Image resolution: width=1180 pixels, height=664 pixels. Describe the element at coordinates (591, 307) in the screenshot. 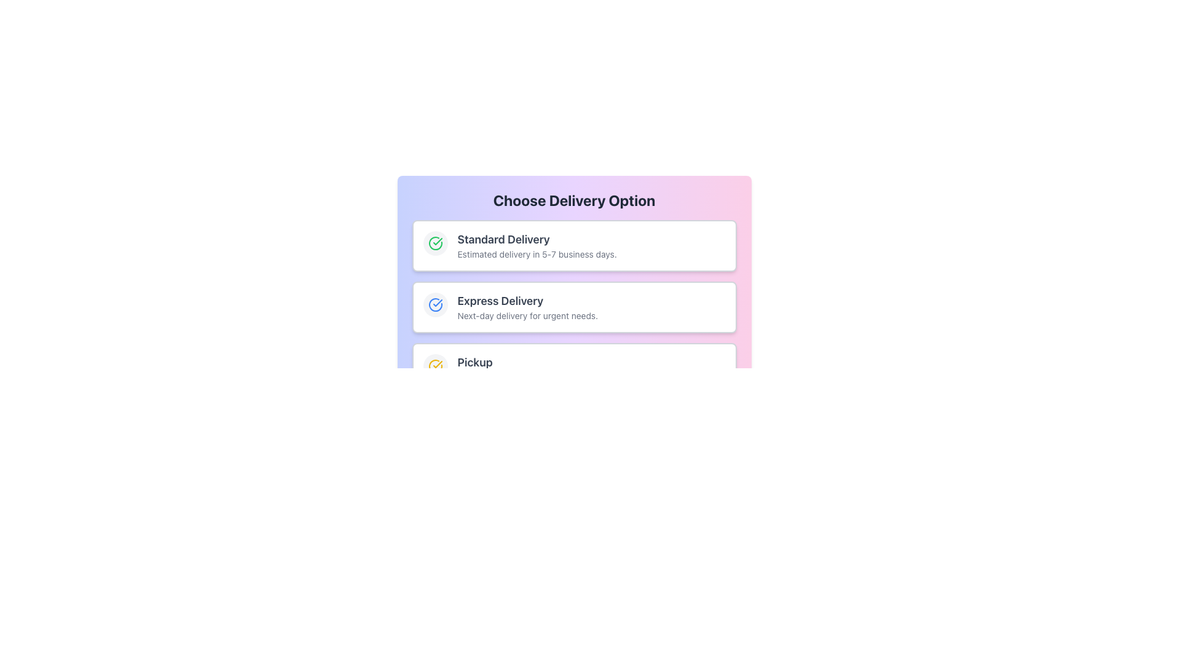

I see `the 'Express Delivery' text block element to bring it into view within the scrollable interface` at that location.